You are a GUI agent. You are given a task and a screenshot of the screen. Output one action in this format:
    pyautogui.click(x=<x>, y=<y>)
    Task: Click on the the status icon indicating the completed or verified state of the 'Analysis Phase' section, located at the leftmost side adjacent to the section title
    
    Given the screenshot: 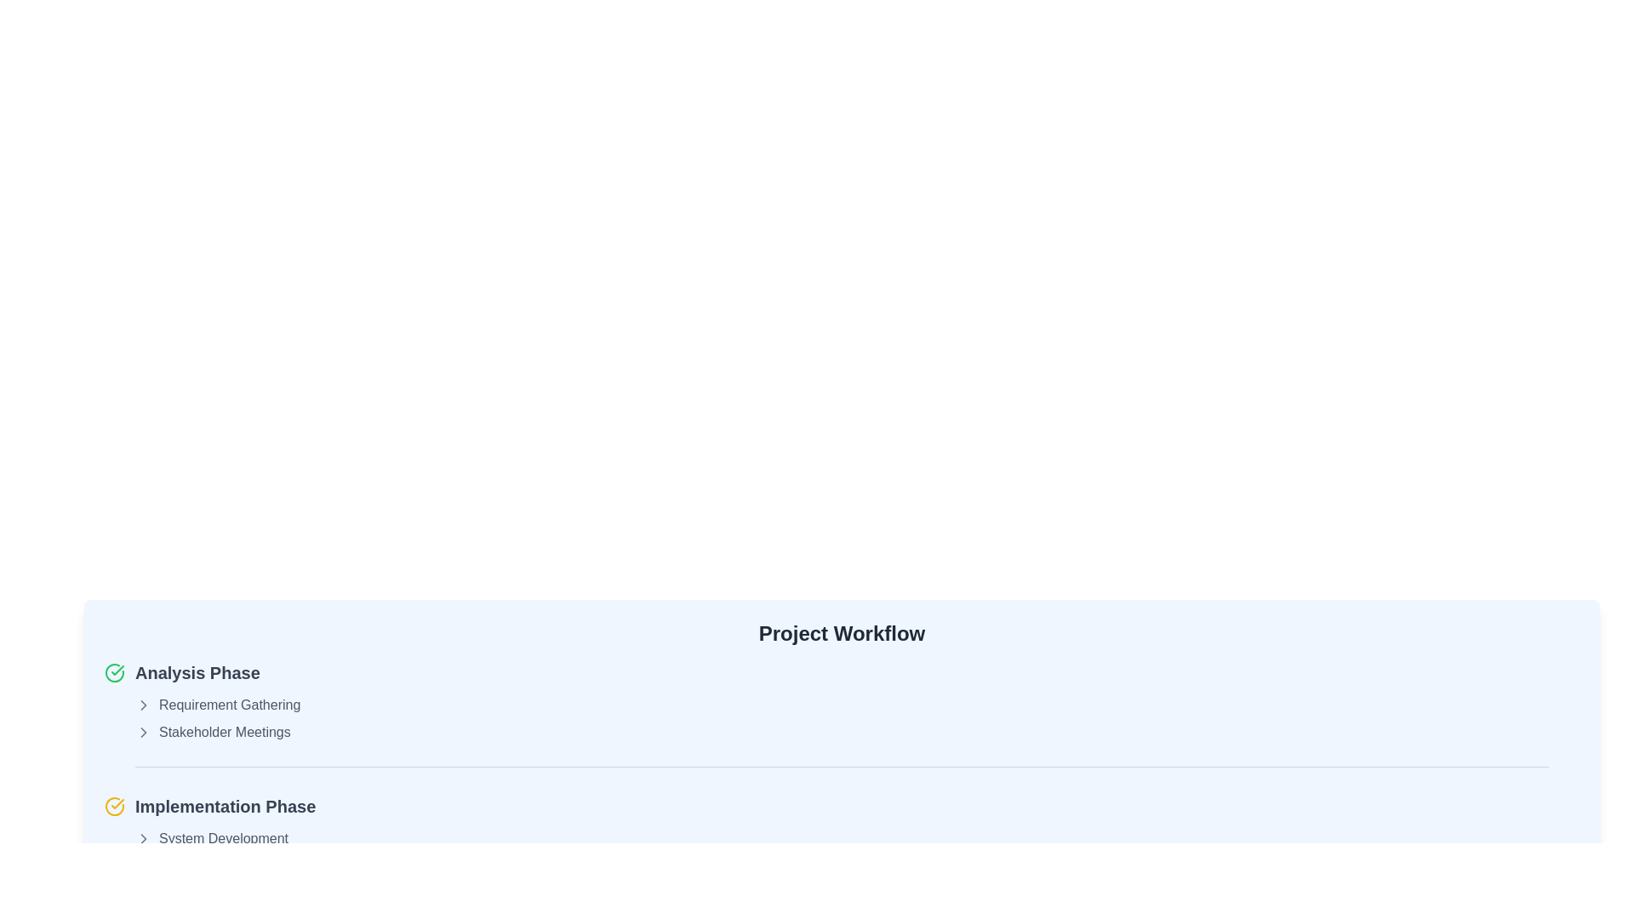 What is the action you would take?
    pyautogui.click(x=113, y=671)
    